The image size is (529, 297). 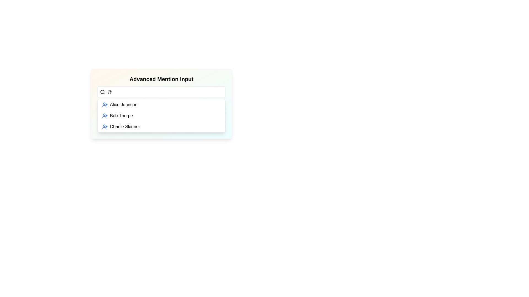 What do you see at coordinates (105, 105) in the screenshot?
I see `the blue 'Add User' icon depicting a person with a '+' sign located to the left of 'Alice Johnson'` at bounding box center [105, 105].